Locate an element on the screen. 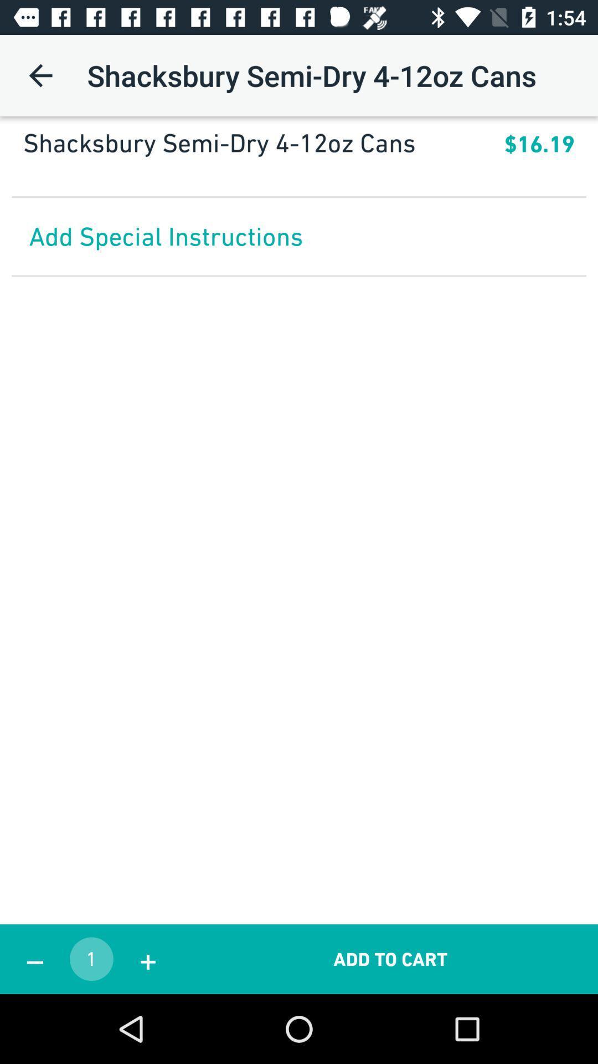  icon below the shacksbury semi dry app is located at coordinates (539, 144).